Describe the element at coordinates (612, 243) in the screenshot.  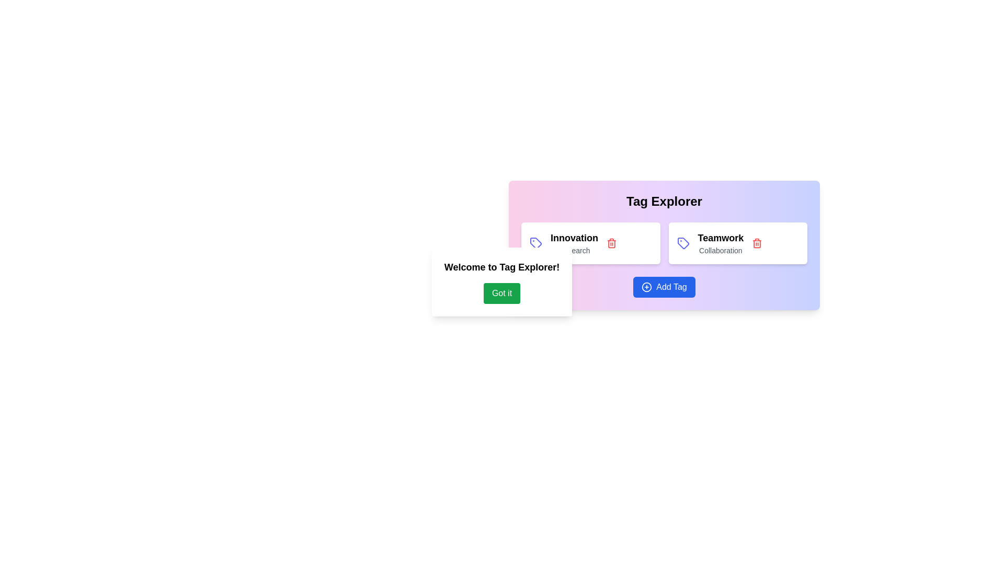
I see `the delete button (trash can icon) located at the right side of the 'Innovation' tag card` at that location.